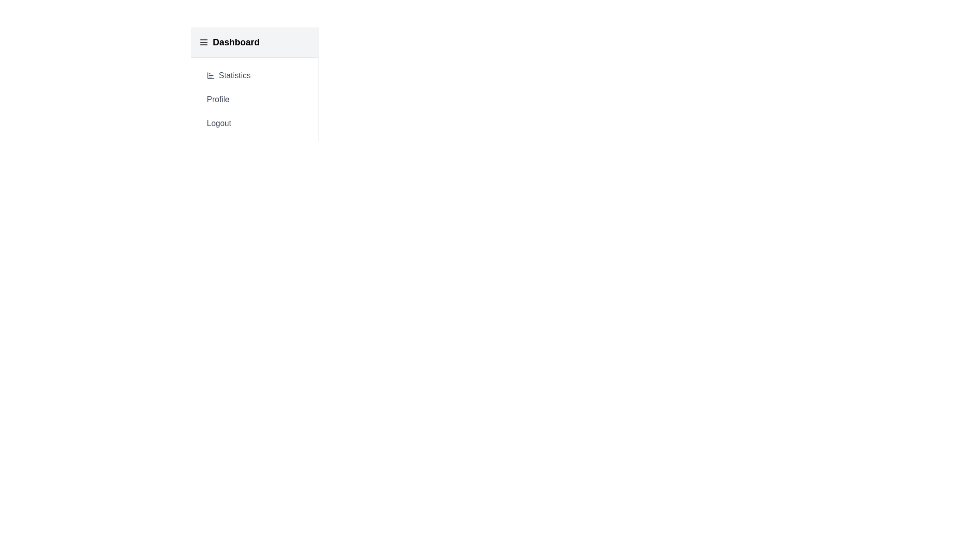  What do you see at coordinates (203, 41) in the screenshot?
I see `the MenuIcon to toggle the menu open/close` at bounding box center [203, 41].